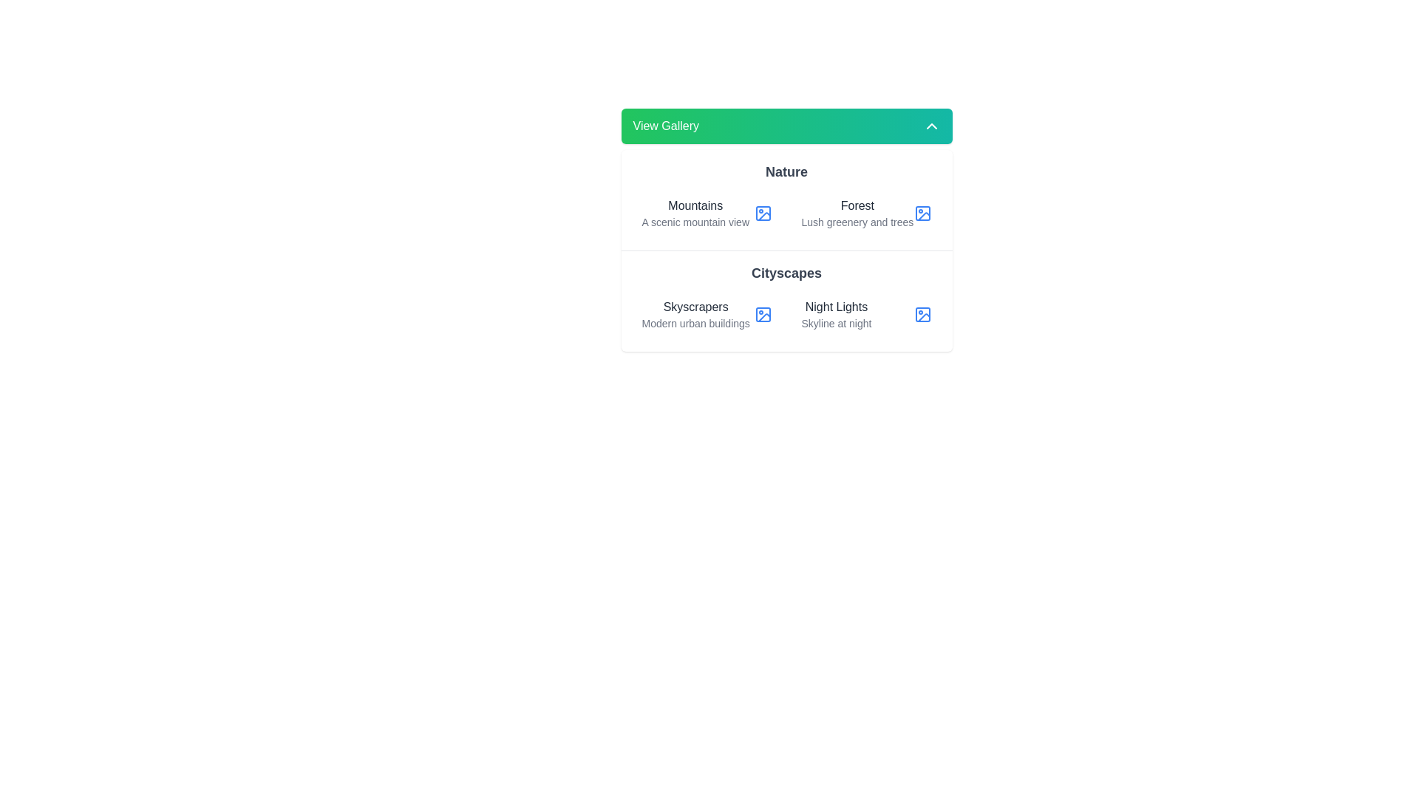 This screenshot has height=798, width=1419. Describe the element at coordinates (837, 313) in the screenshot. I see `the 'Night Lights' multiline text label, which provides a title and subtitle related to cityscapes at night, located in the 'Cityscapes' section to the right of the 'Skyscrapers' subsection` at that location.